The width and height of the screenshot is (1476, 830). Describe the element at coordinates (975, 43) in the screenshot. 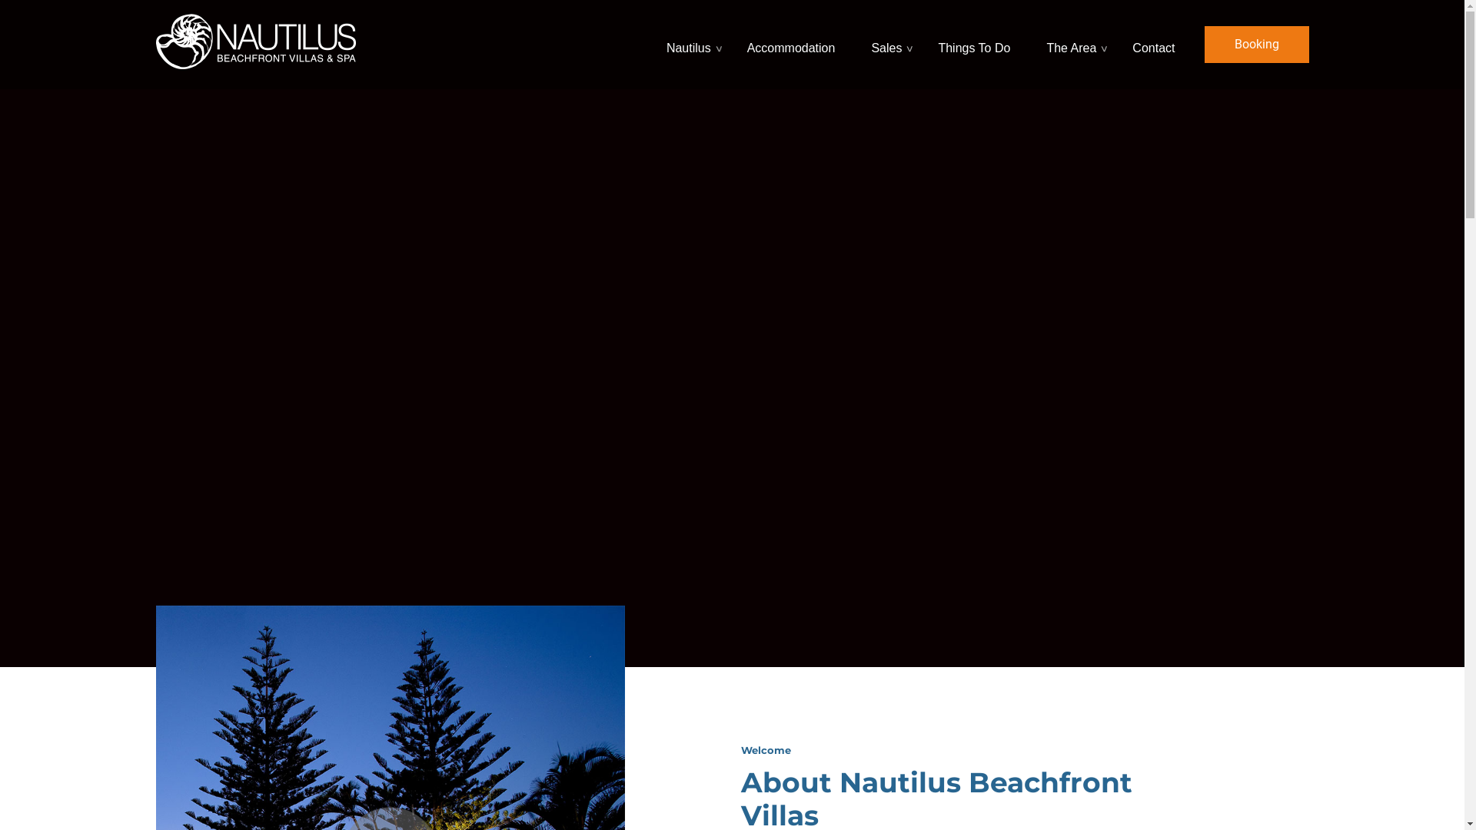

I see `'Things To Do'` at that location.